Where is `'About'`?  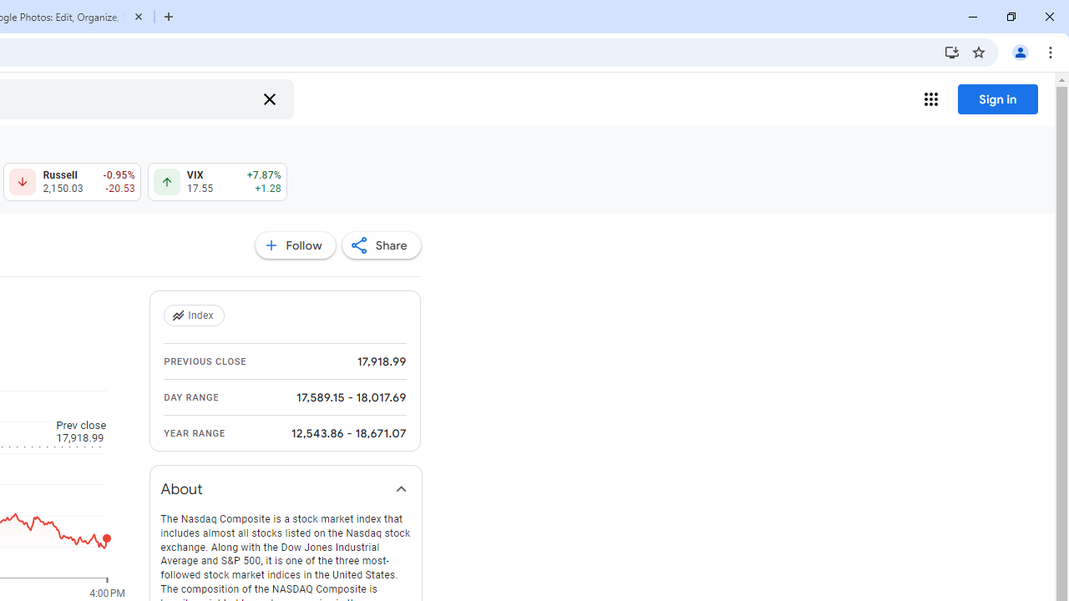
'About' is located at coordinates (286, 488).